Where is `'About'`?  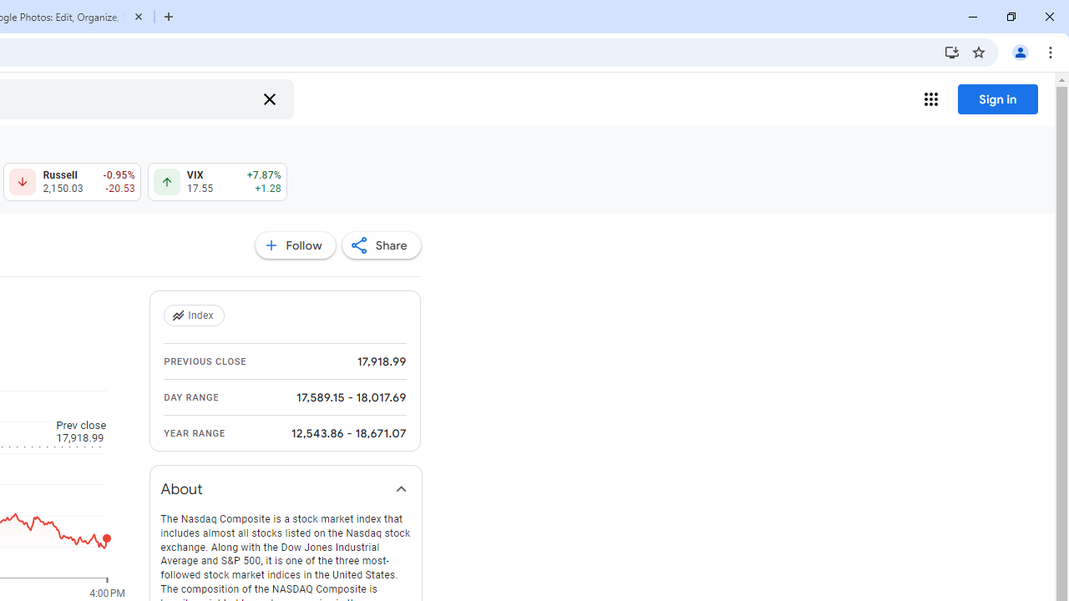
'About' is located at coordinates (286, 488).